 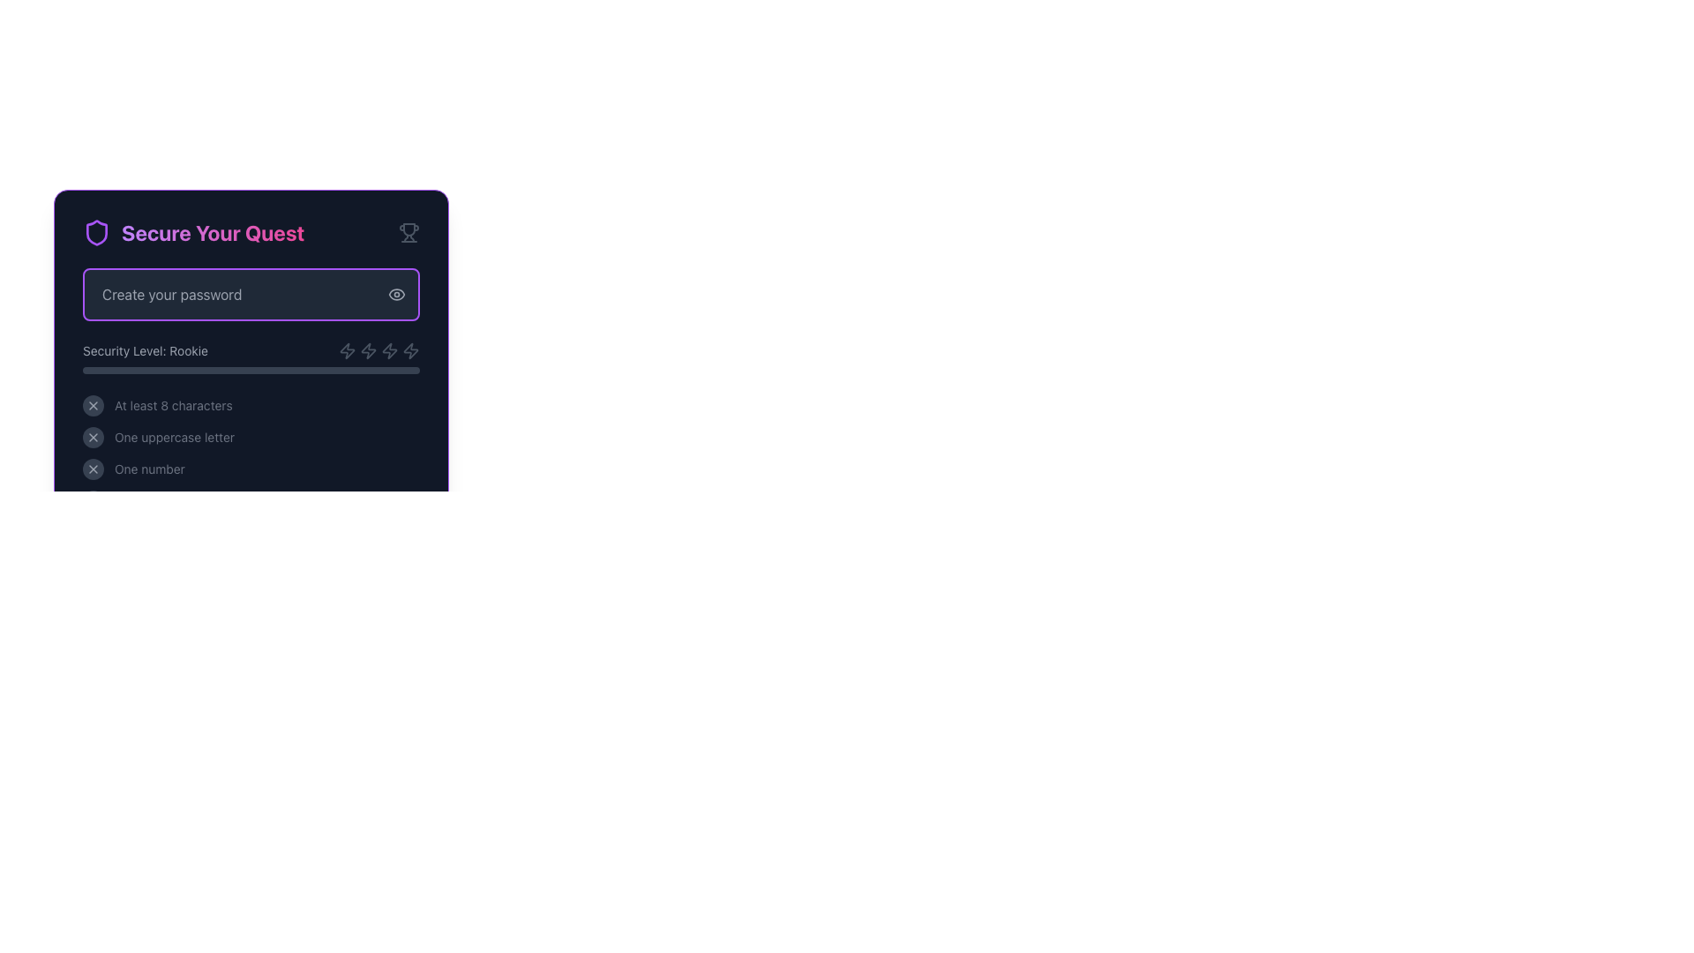 I want to click on the small gray circle containing a faintly styled 'X' icon to inspect for additional details regarding password strength requirements, so click(x=92, y=437).